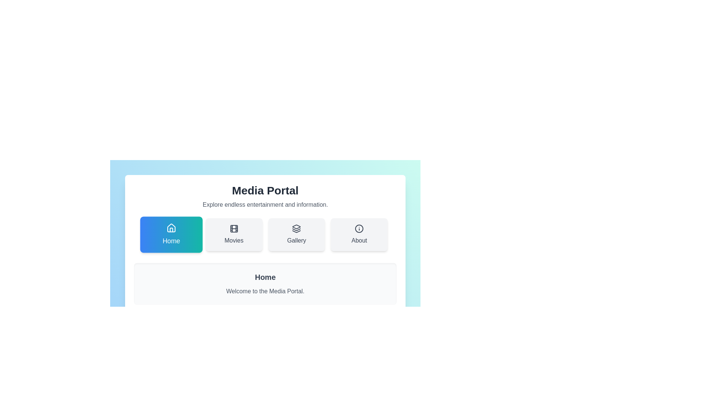 The height and width of the screenshot is (403, 717). What do you see at coordinates (296, 228) in the screenshot?
I see `the Icon element representing layered sheets, part of the 'Gallery' button, for accessibility tools` at bounding box center [296, 228].